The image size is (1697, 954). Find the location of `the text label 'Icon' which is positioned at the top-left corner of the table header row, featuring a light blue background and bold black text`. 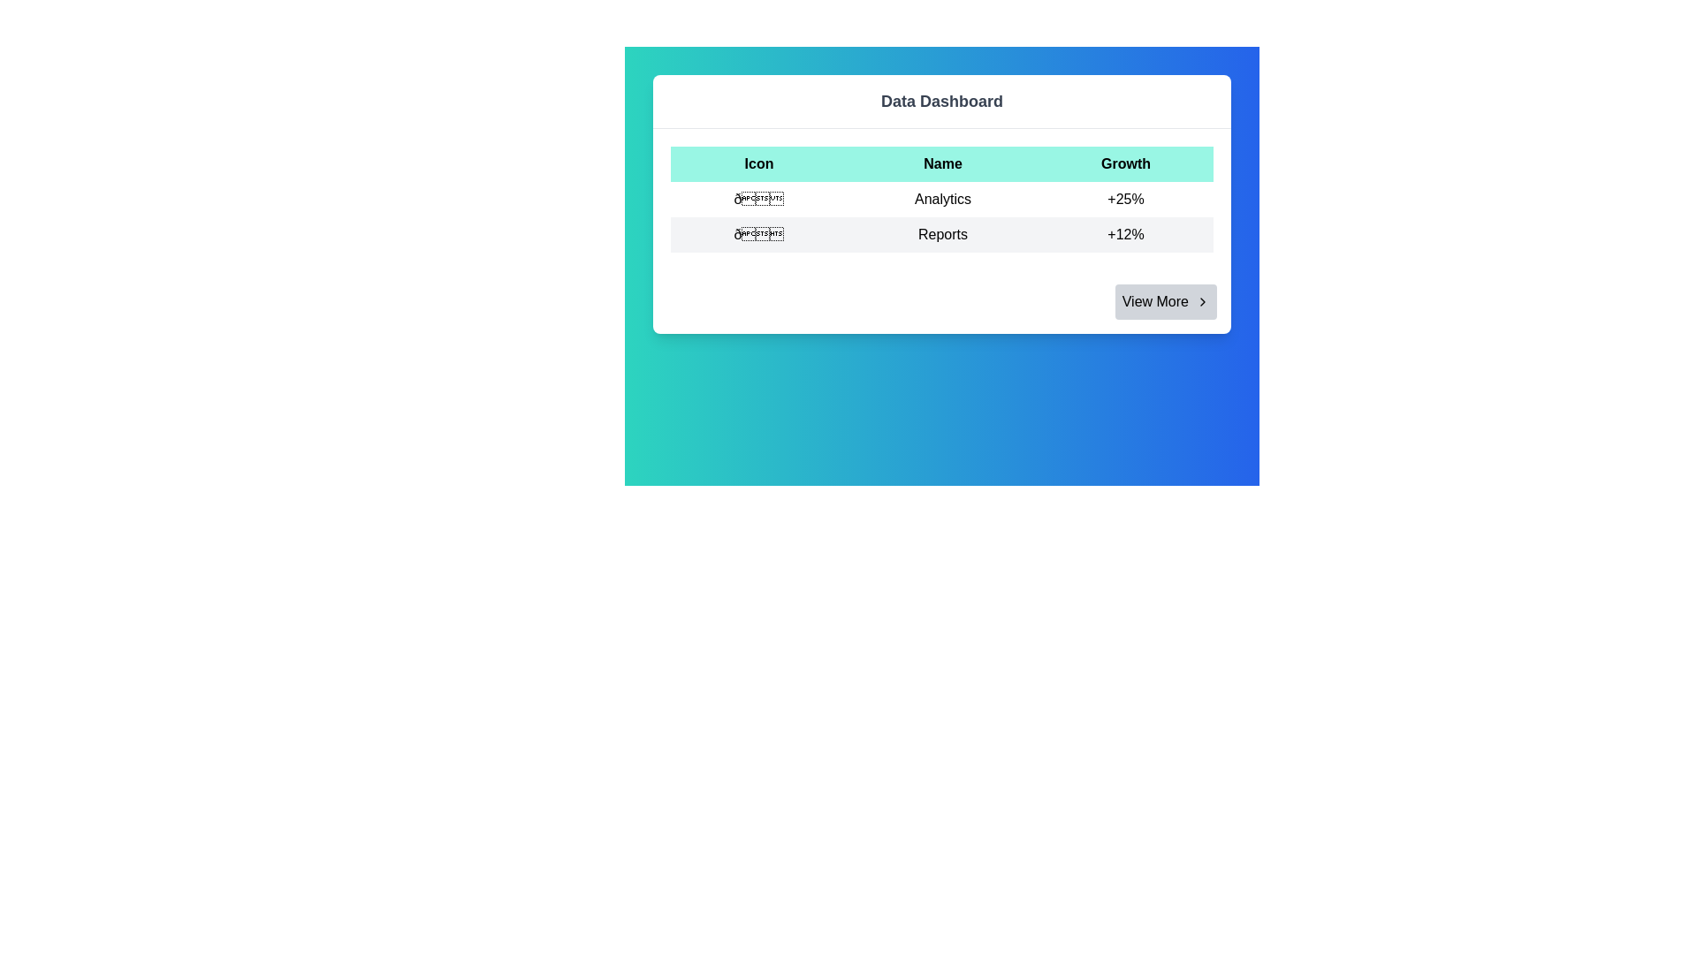

the text label 'Icon' which is positioned at the top-left corner of the table header row, featuring a light blue background and bold black text is located at coordinates (759, 163).